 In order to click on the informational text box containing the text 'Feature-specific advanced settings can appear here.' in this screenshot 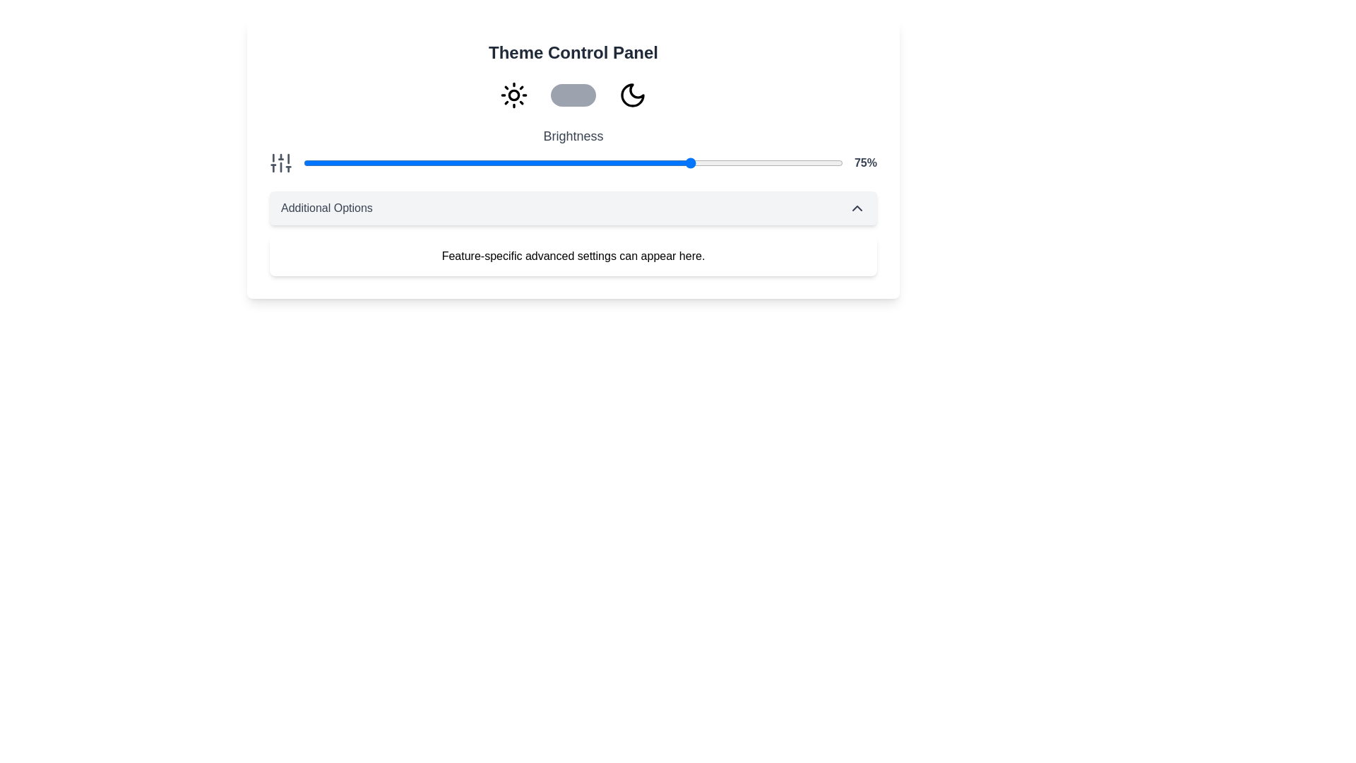, I will do `click(573, 256)`.